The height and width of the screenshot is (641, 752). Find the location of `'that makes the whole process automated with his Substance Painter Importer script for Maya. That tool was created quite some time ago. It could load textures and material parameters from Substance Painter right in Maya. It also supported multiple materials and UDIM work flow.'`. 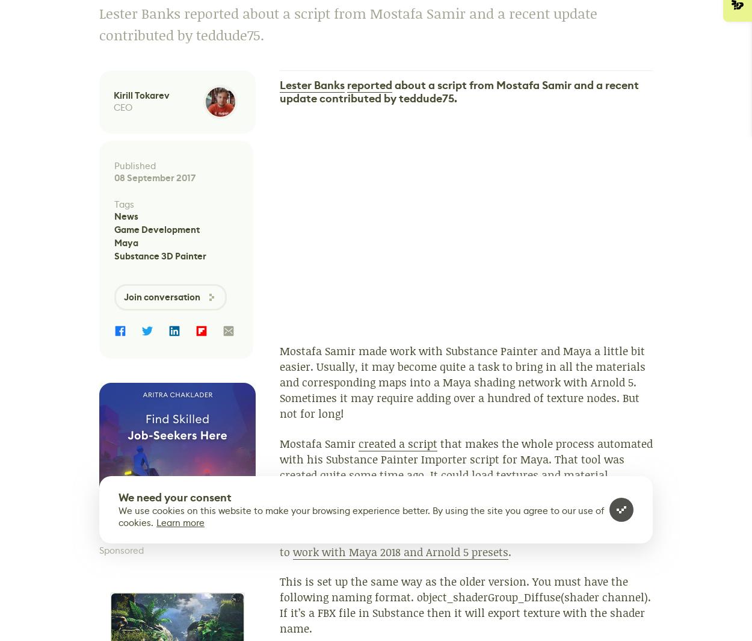

'that makes the whole process automated with his Substance Painter Importer script for Maya. That tool was created quite some time ago. It could load textures and material parameters from Substance Painter right in Maya. It also supported multiple materials and UDIM work flow.' is located at coordinates (466, 474).